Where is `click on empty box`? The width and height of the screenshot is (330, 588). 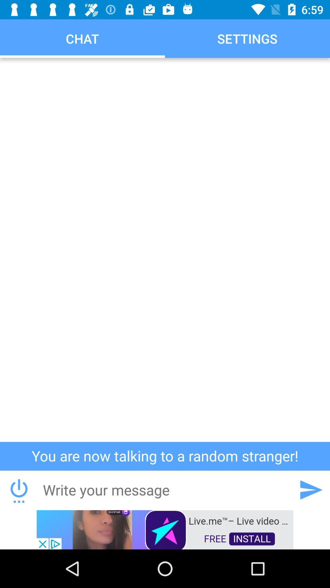 click on empty box is located at coordinates (165, 250).